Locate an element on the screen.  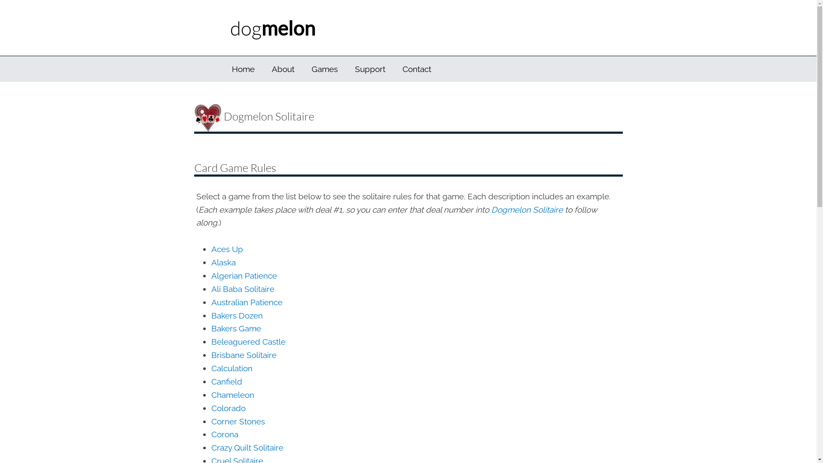
'Canfield' is located at coordinates (226, 381).